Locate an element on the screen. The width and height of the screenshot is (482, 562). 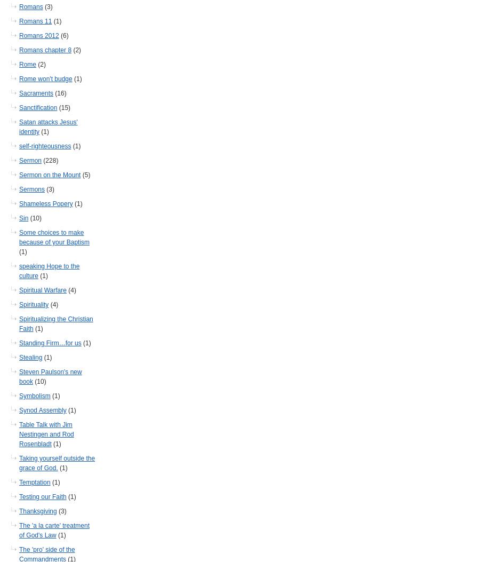
'Sermon' is located at coordinates (18, 160).